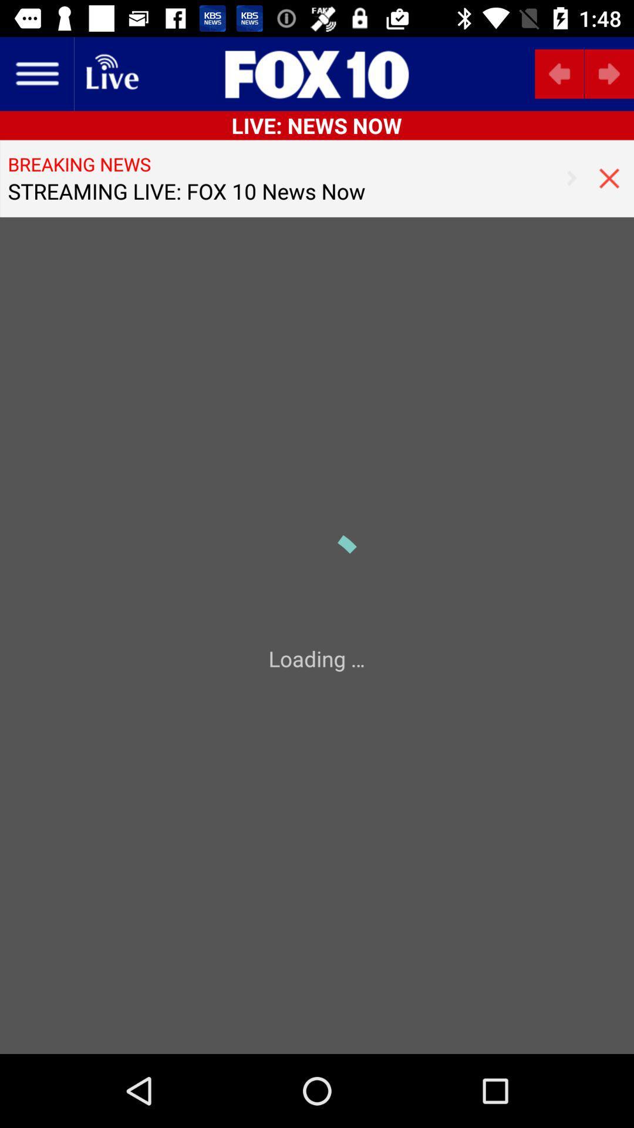 This screenshot has height=1128, width=634. I want to click on the menu icon, so click(36, 73).